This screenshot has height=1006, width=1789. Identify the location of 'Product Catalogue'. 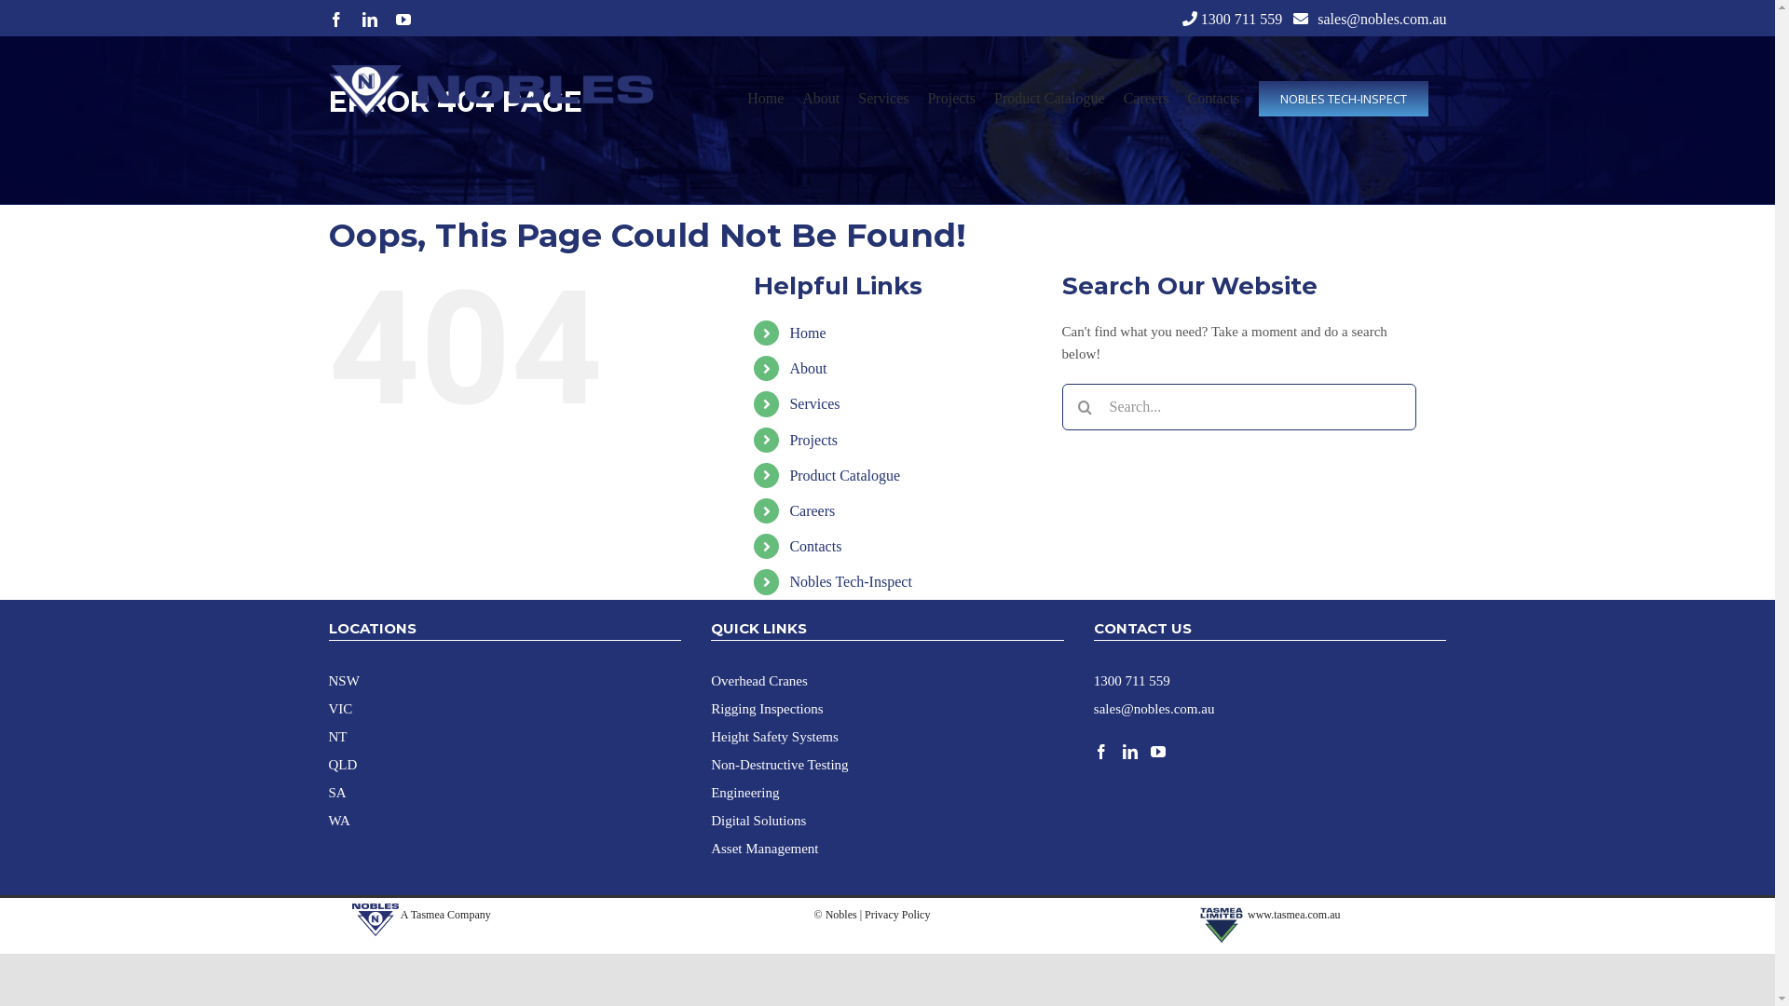
(1049, 98).